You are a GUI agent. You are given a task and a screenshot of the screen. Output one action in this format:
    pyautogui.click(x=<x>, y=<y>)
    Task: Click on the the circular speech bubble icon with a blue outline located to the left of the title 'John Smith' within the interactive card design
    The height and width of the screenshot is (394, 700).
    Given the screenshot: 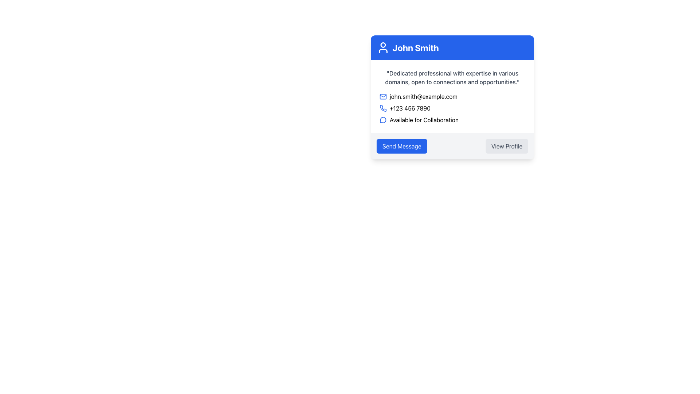 What is the action you would take?
    pyautogui.click(x=382, y=120)
    